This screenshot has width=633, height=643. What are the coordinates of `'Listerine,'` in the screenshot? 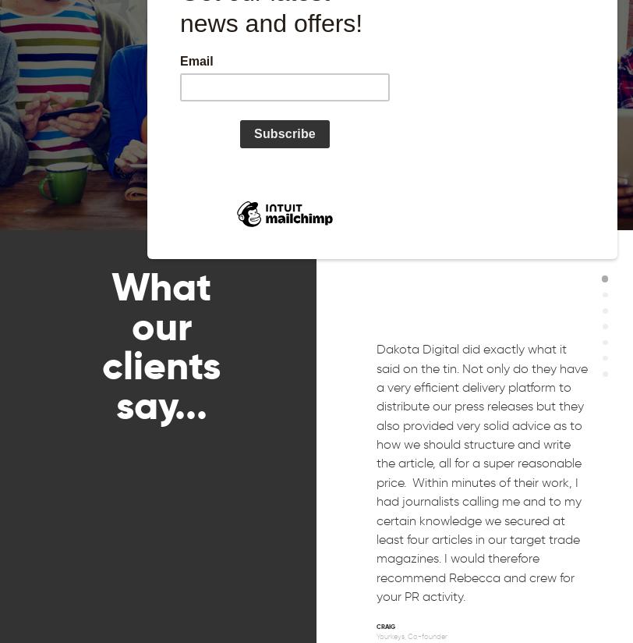 It's located at (389, 9).